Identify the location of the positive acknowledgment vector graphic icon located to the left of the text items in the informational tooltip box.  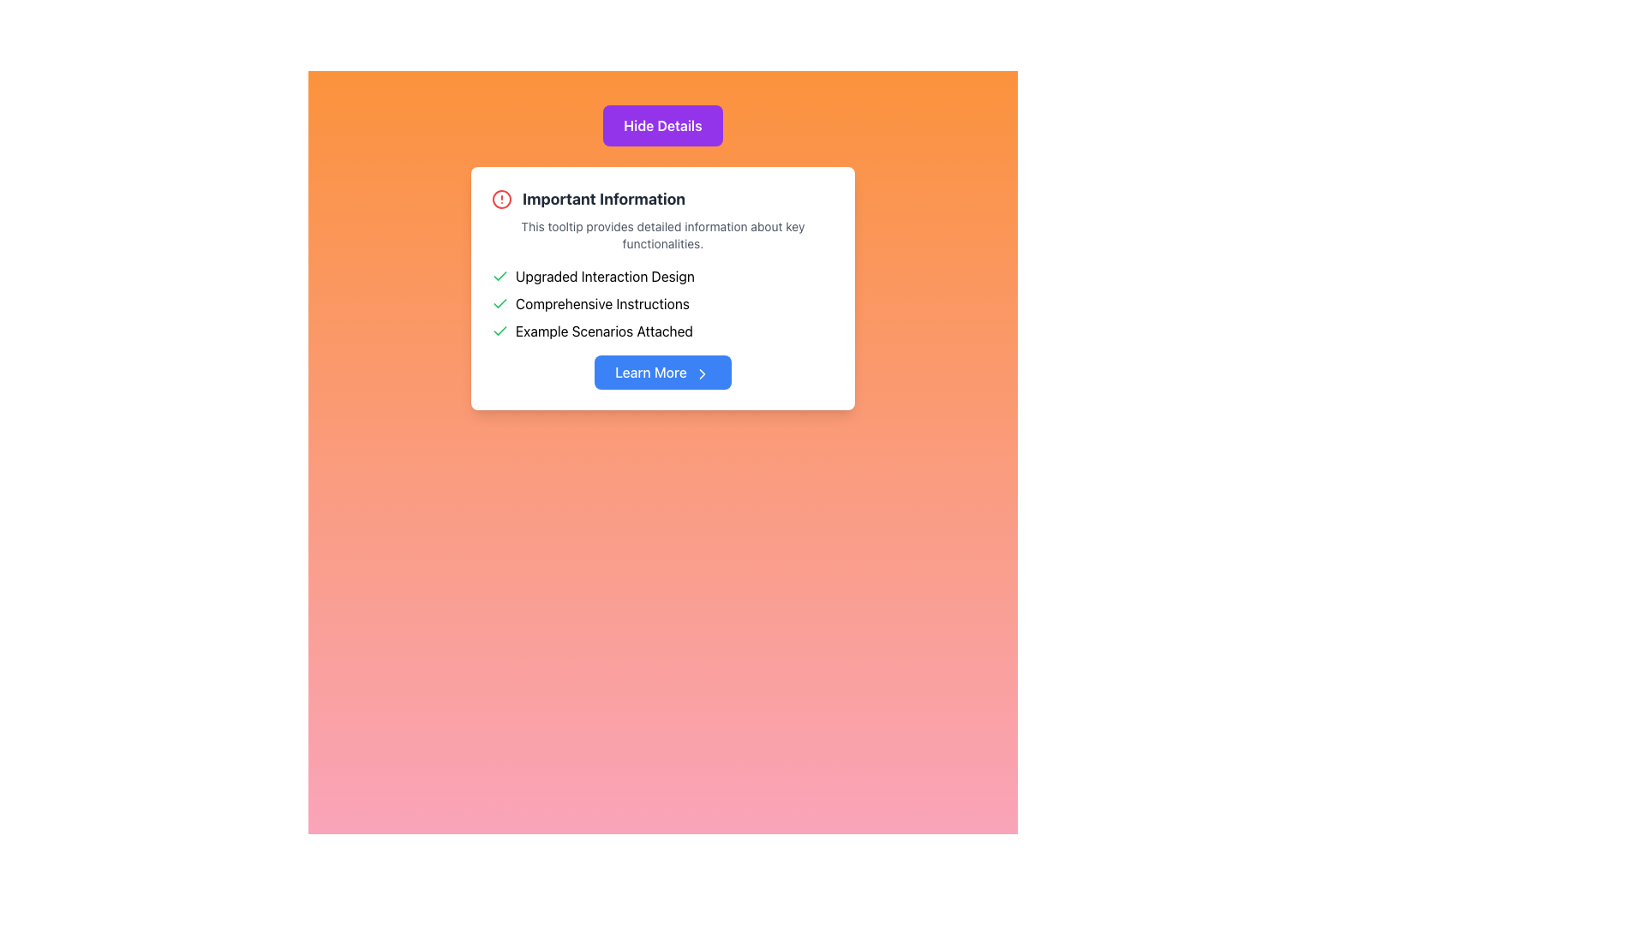
(499, 302).